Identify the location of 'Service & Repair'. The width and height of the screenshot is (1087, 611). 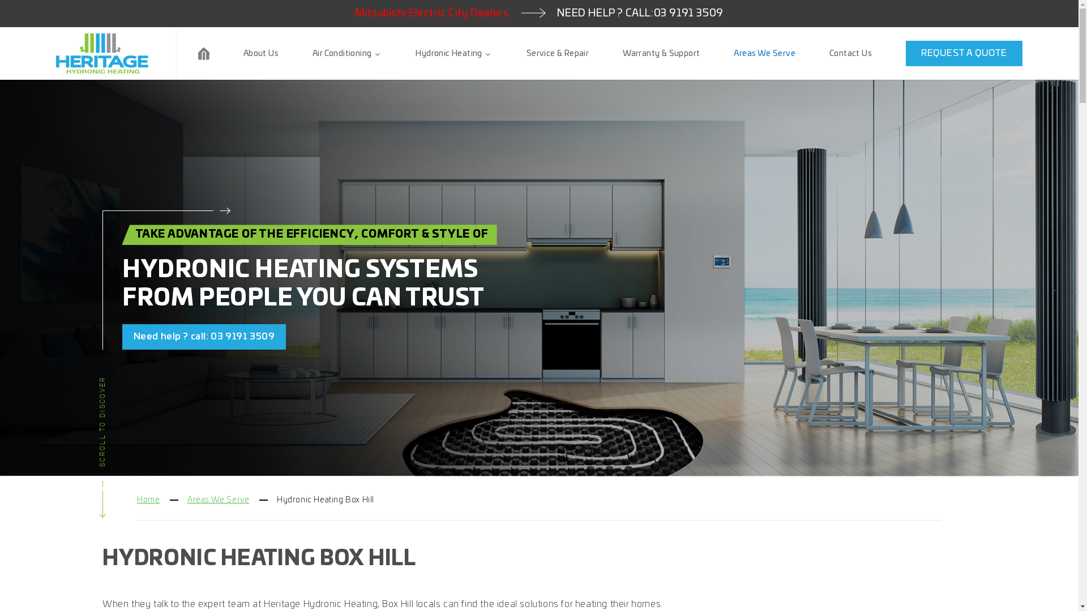
(557, 53).